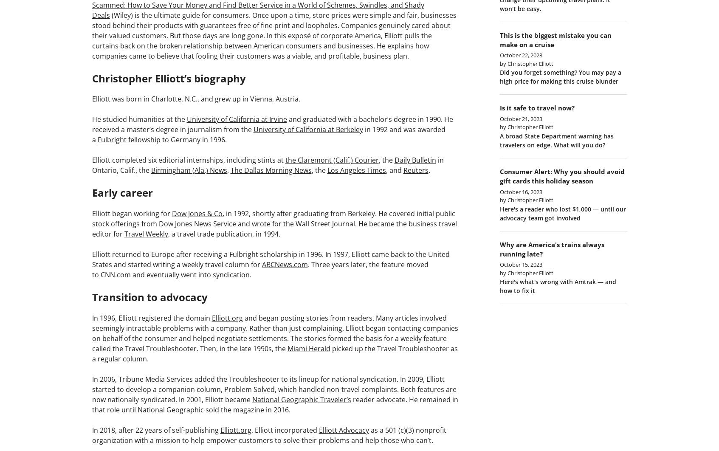 The width and height of the screenshot is (719, 451). I want to click on 'Consumer Alert: Why you should avoid gift cards this holiday season', so click(561, 175).